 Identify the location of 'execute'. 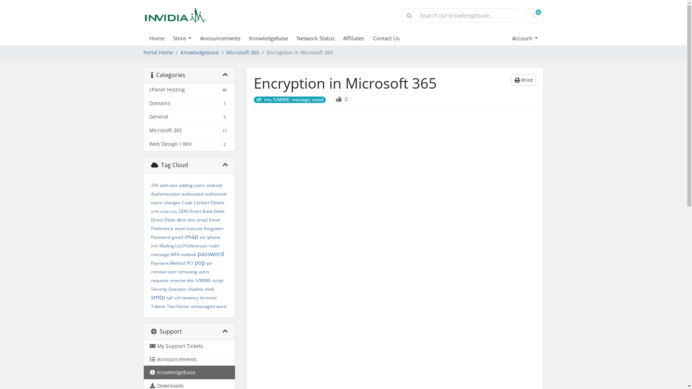
(194, 228).